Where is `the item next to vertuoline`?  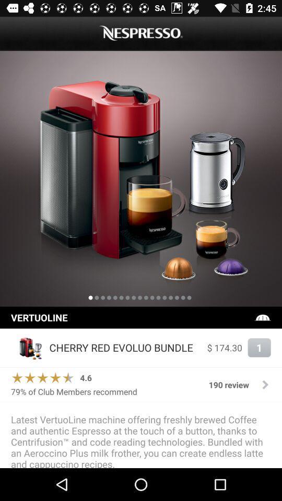 the item next to vertuoline is located at coordinates (262, 317).